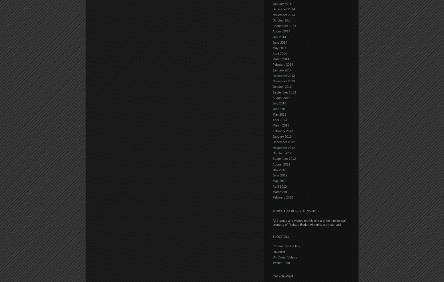 Image resolution: width=444 pixels, height=282 pixels. I want to click on 'March 2014', so click(272, 59).